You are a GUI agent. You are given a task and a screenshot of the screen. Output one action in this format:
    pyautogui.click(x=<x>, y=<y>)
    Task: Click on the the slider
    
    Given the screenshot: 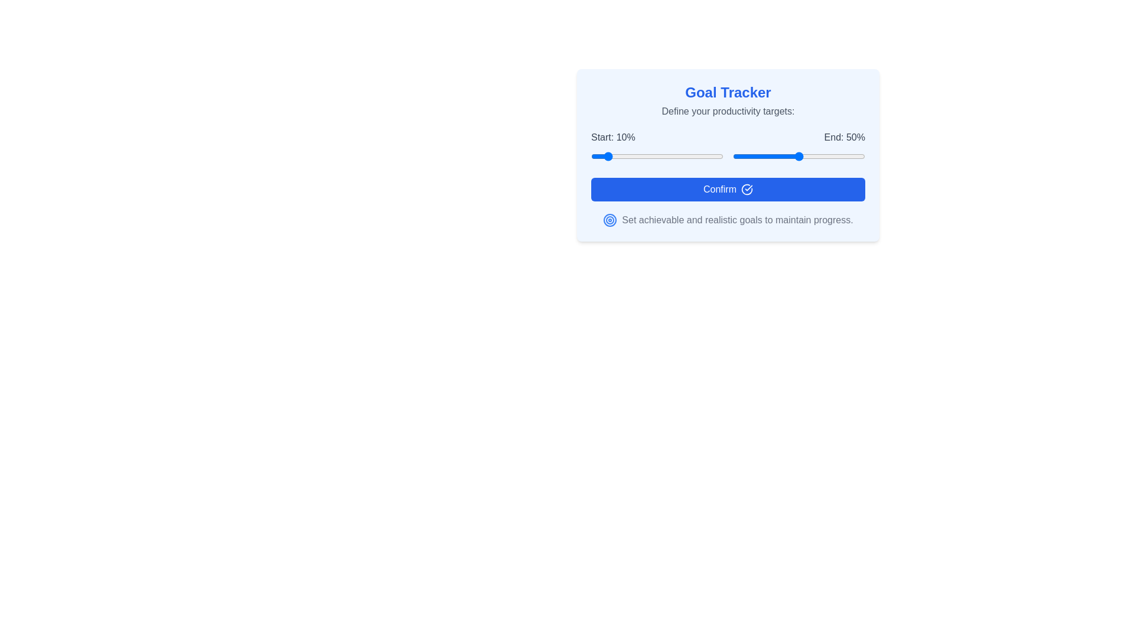 What is the action you would take?
    pyautogui.click(x=862, y=156)
    